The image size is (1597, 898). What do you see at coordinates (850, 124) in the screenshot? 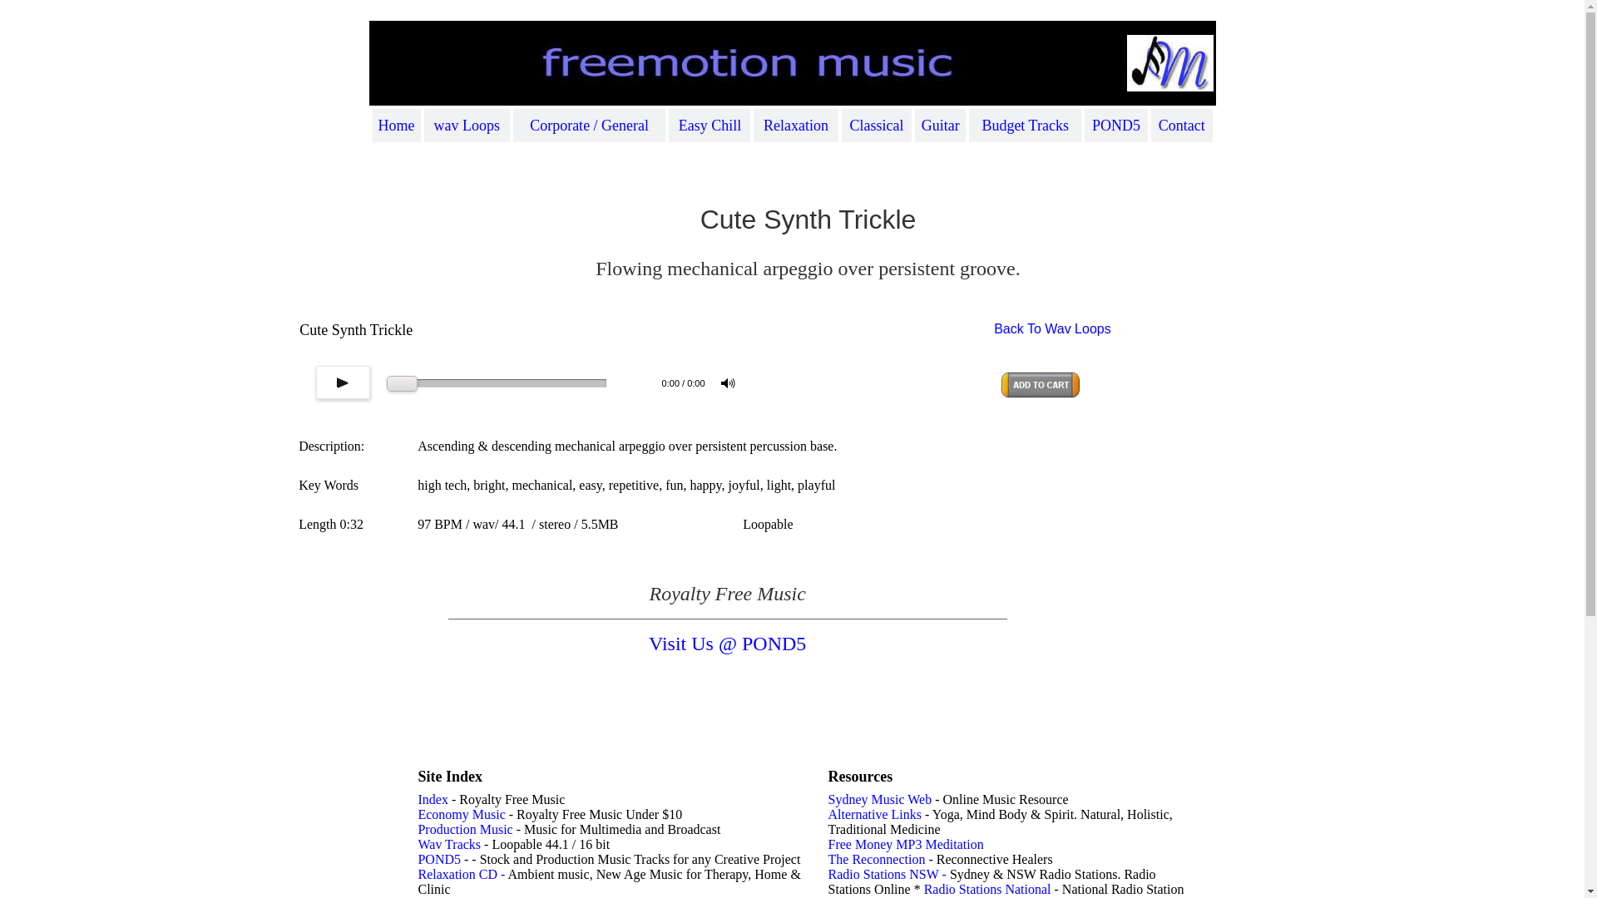
I see `'Classical'` at bounding box center [850, 124].